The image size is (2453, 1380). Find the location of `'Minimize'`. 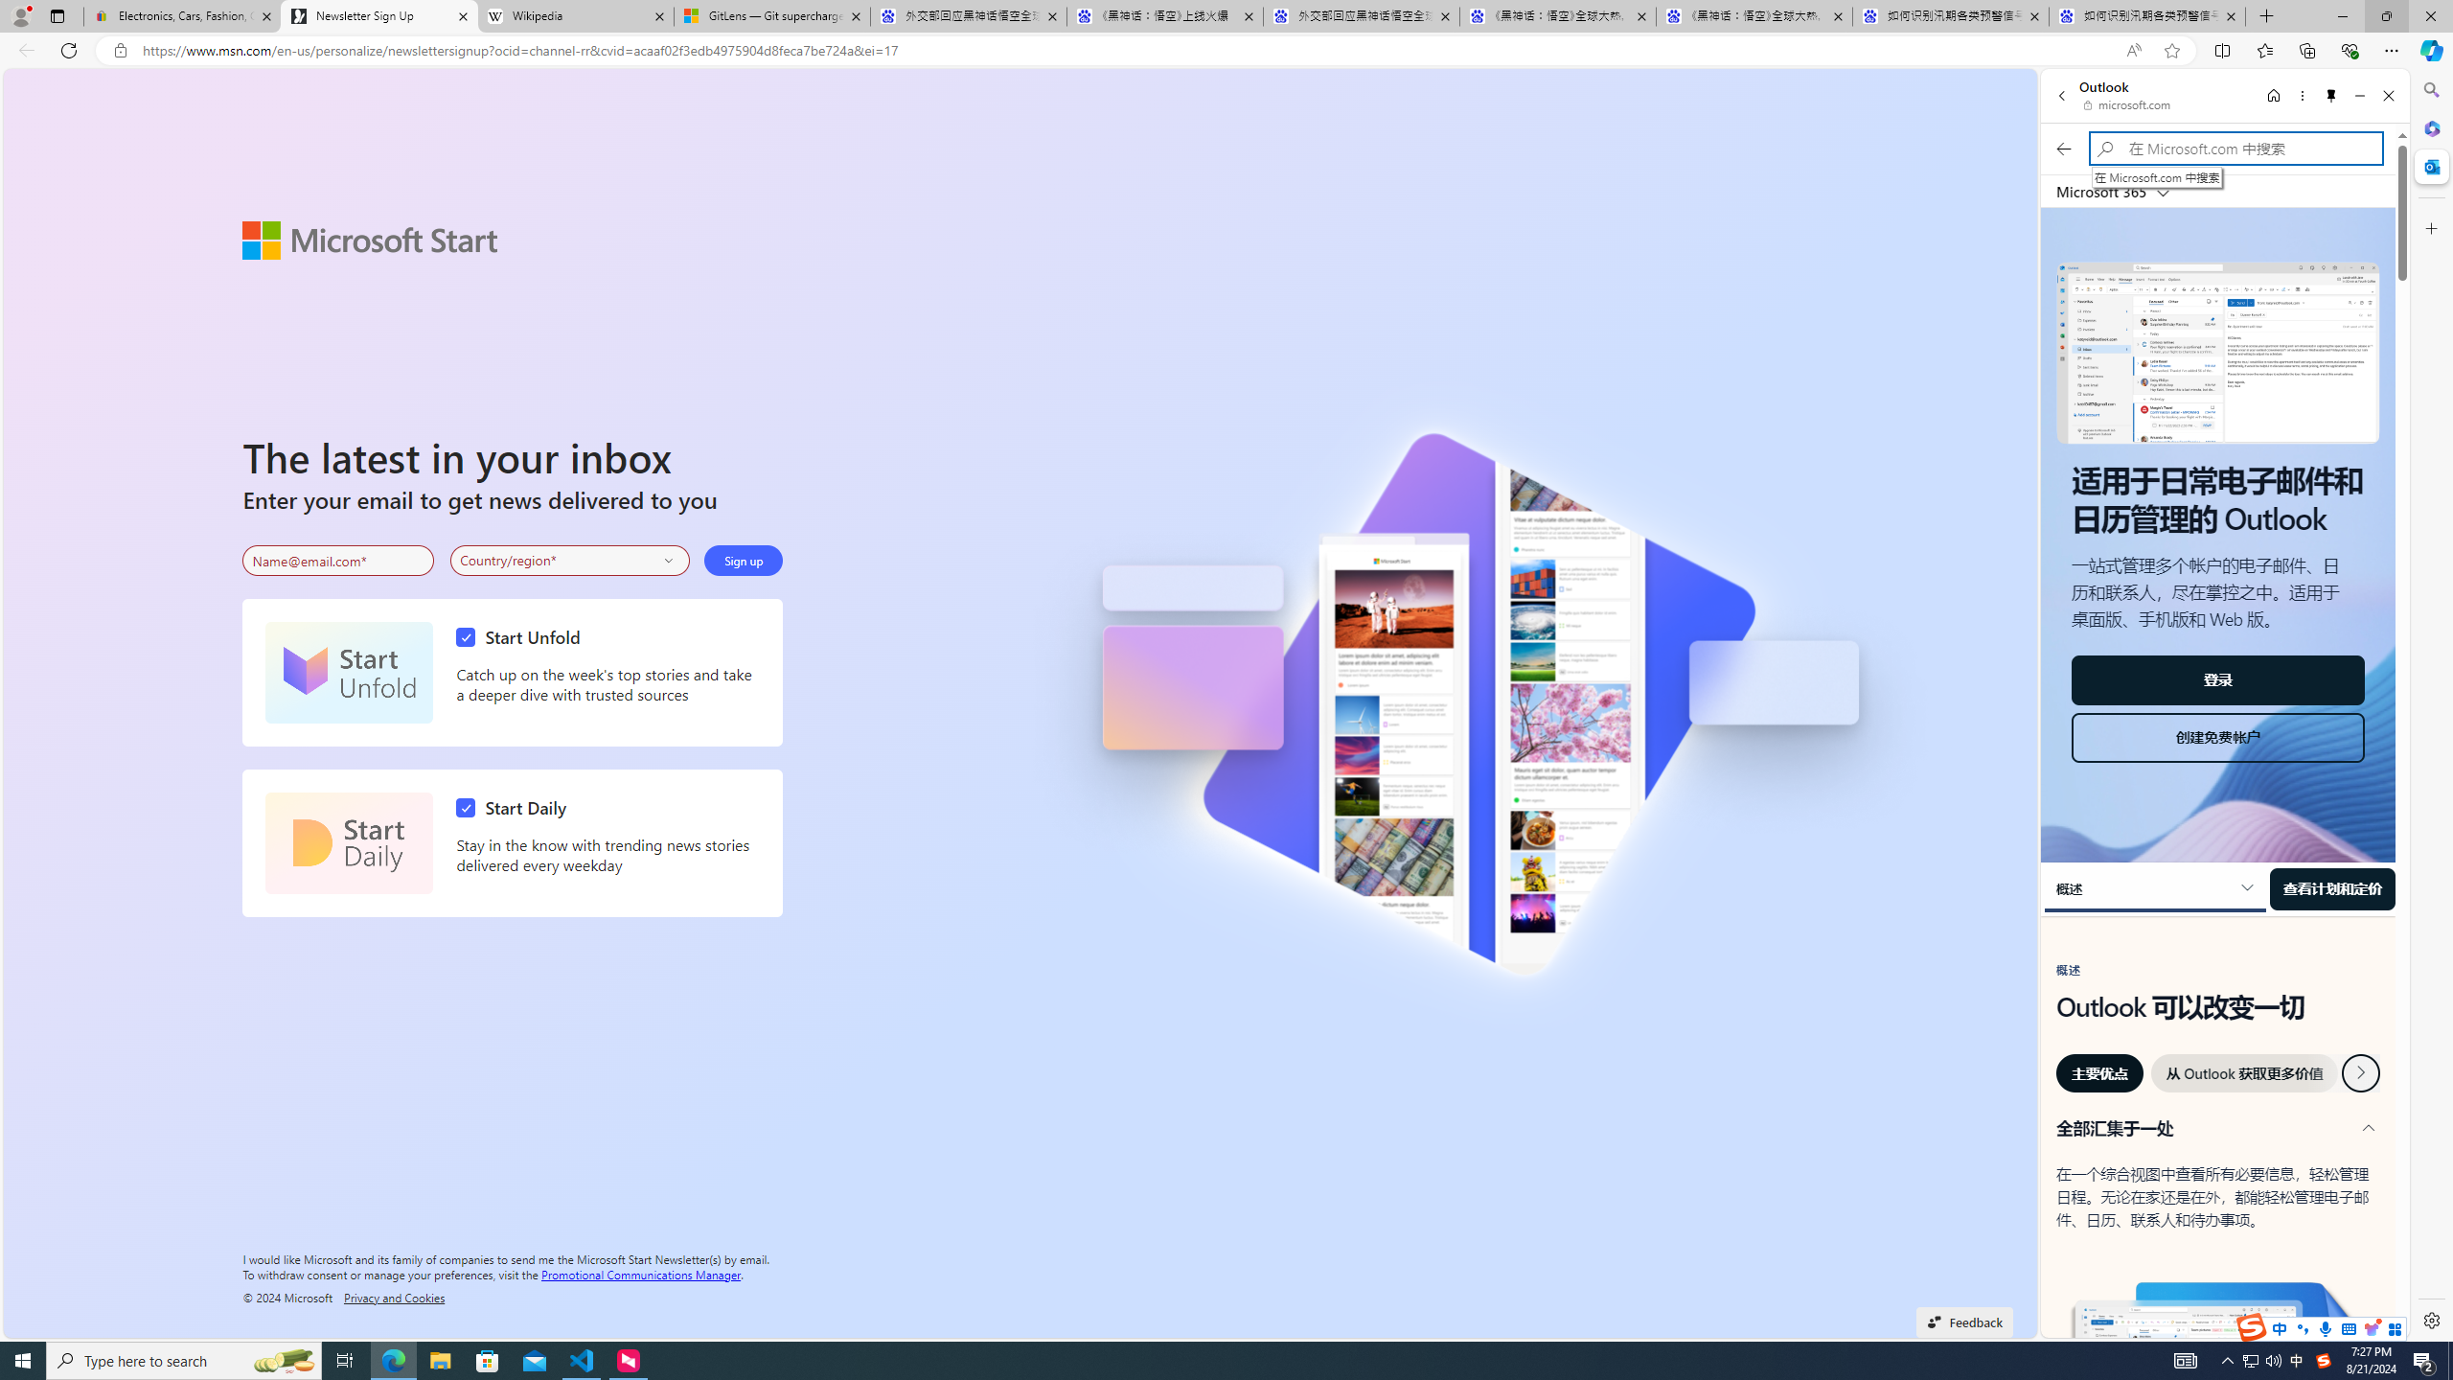

'Minimize' is located at coordinates (2360, 95).